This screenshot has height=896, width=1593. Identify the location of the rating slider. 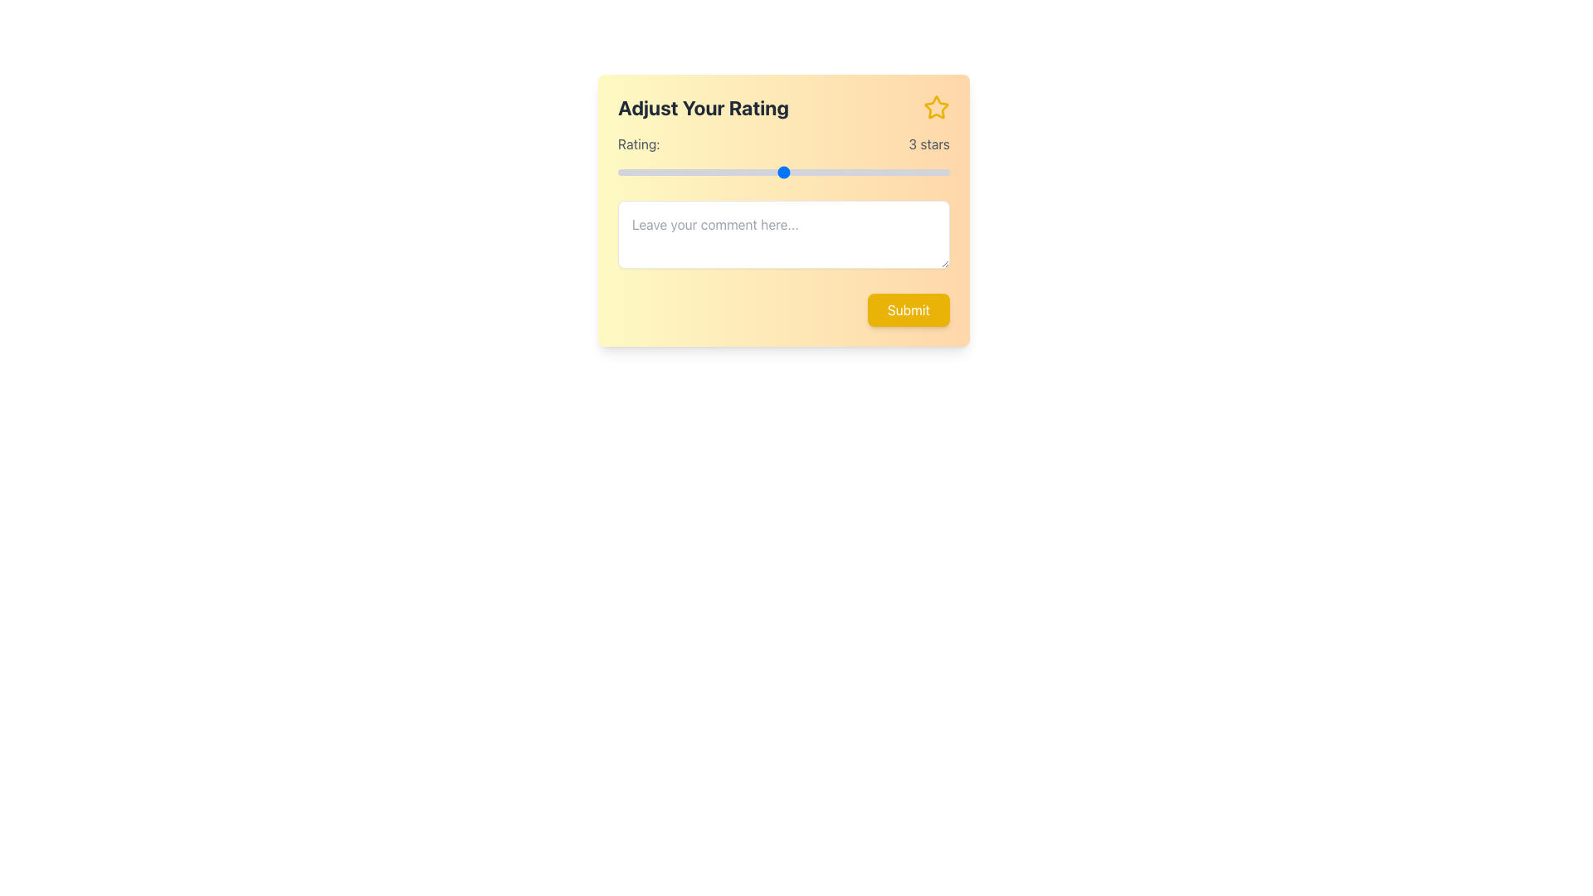
(700, 173).